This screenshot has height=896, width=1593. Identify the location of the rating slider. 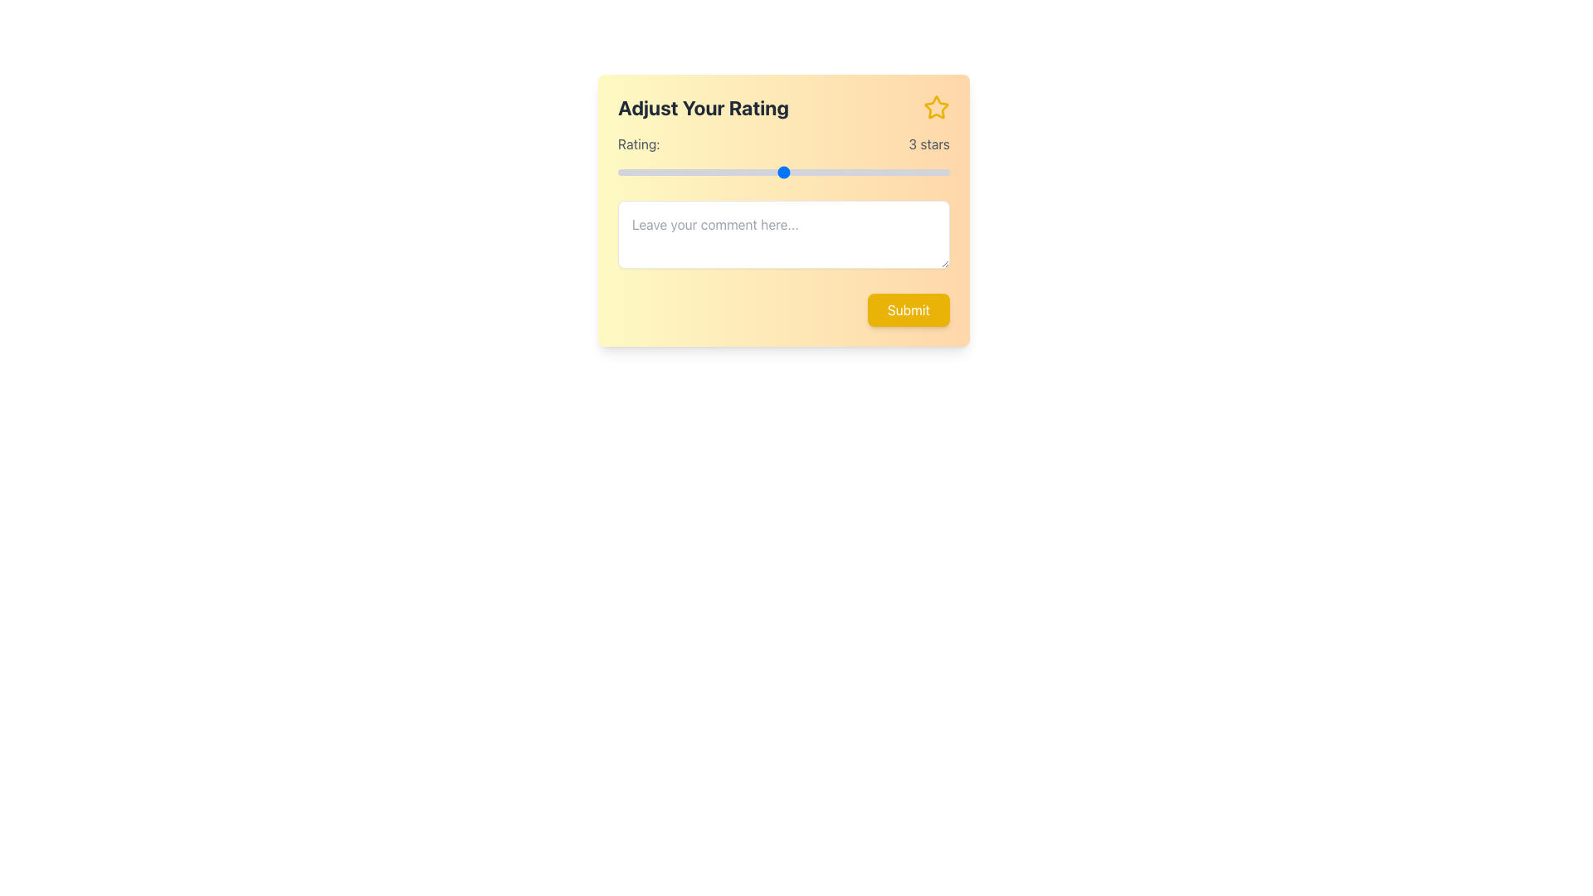
(700, 173).